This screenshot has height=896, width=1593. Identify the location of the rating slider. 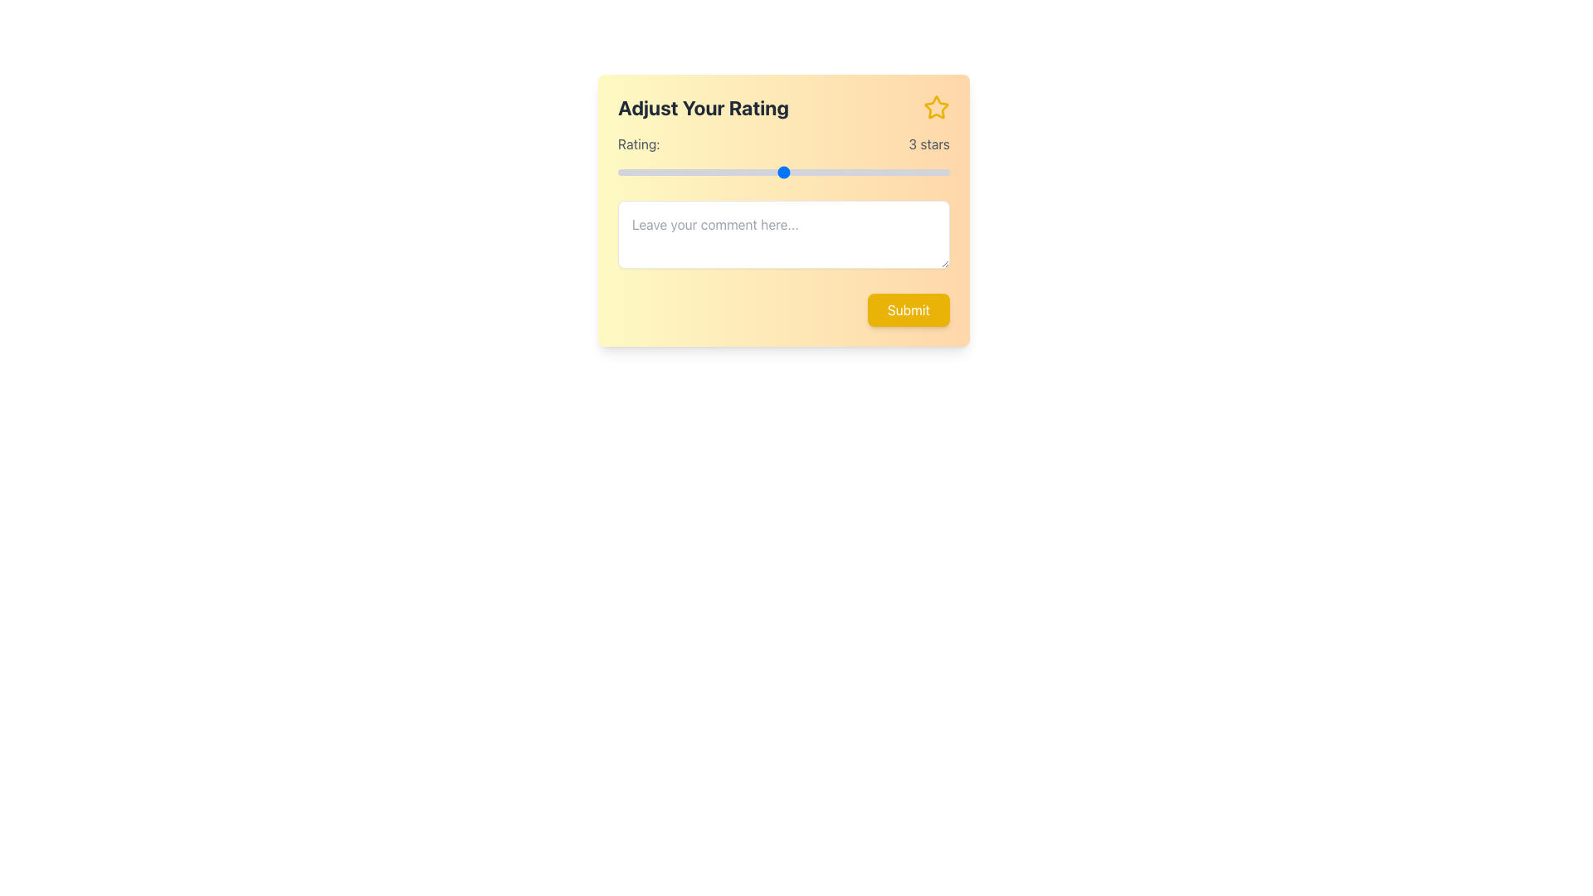
(700, 173).